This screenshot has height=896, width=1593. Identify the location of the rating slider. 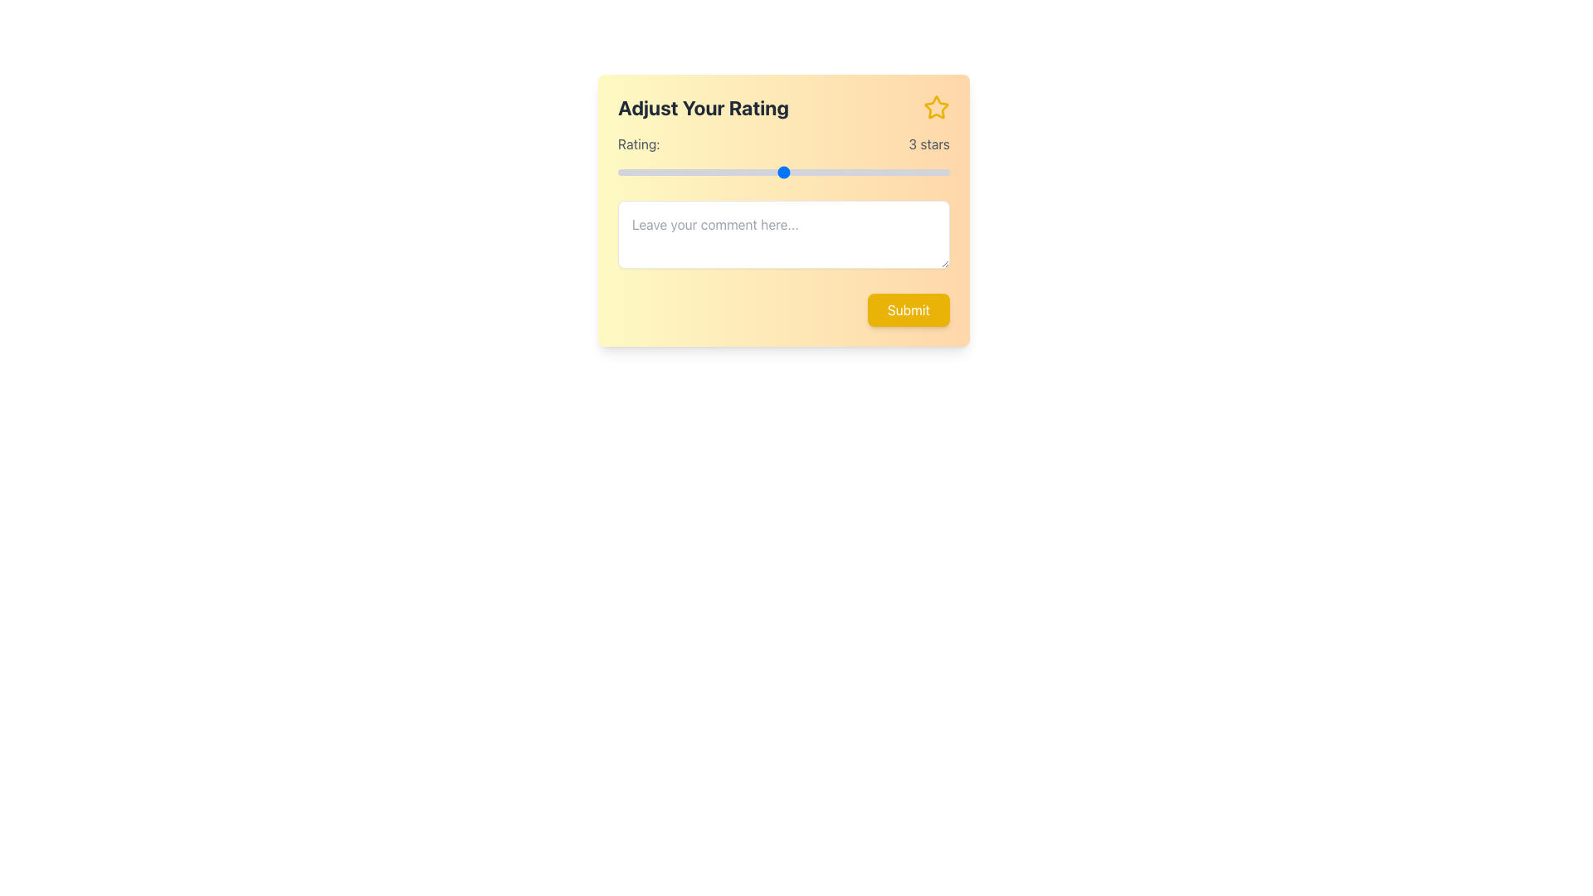
(700, 173).